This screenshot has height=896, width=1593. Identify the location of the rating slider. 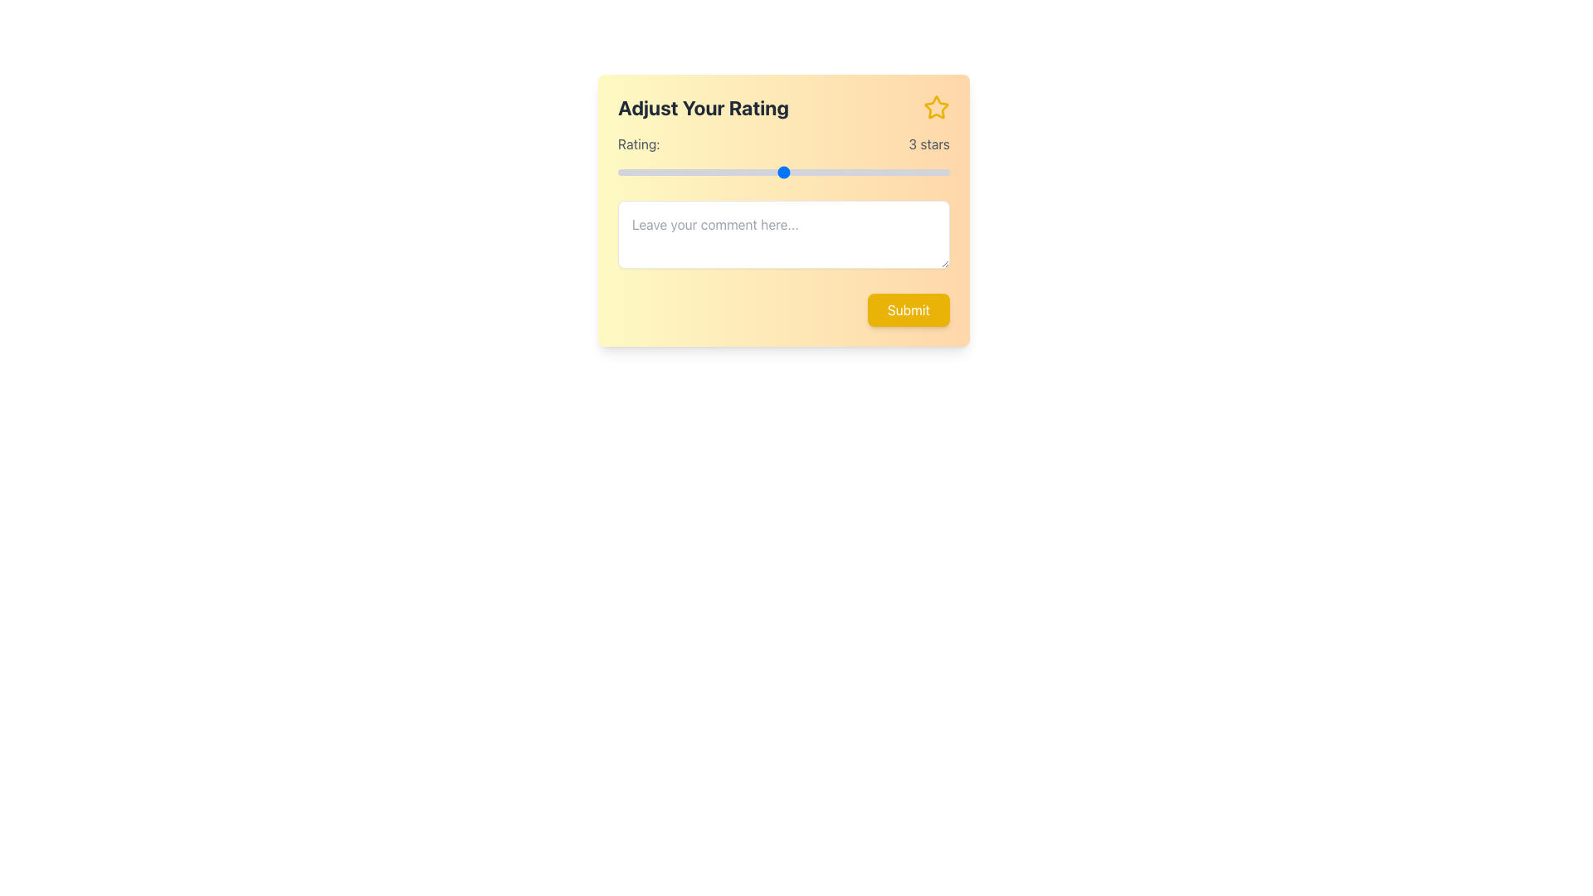
(700, 173).